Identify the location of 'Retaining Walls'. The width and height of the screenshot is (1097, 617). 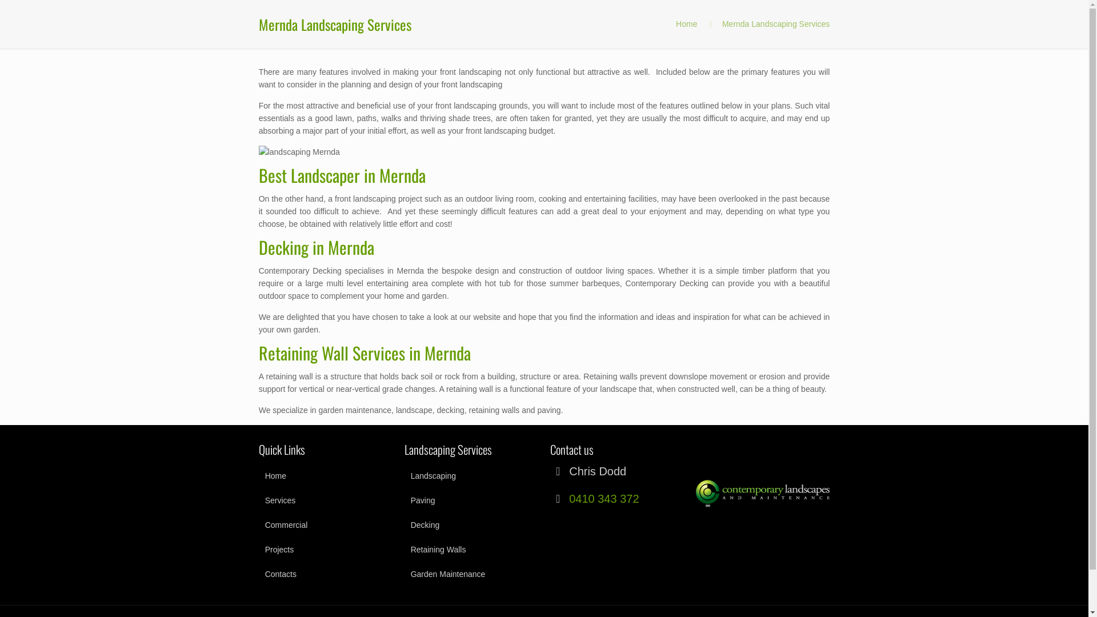
(405, 548).